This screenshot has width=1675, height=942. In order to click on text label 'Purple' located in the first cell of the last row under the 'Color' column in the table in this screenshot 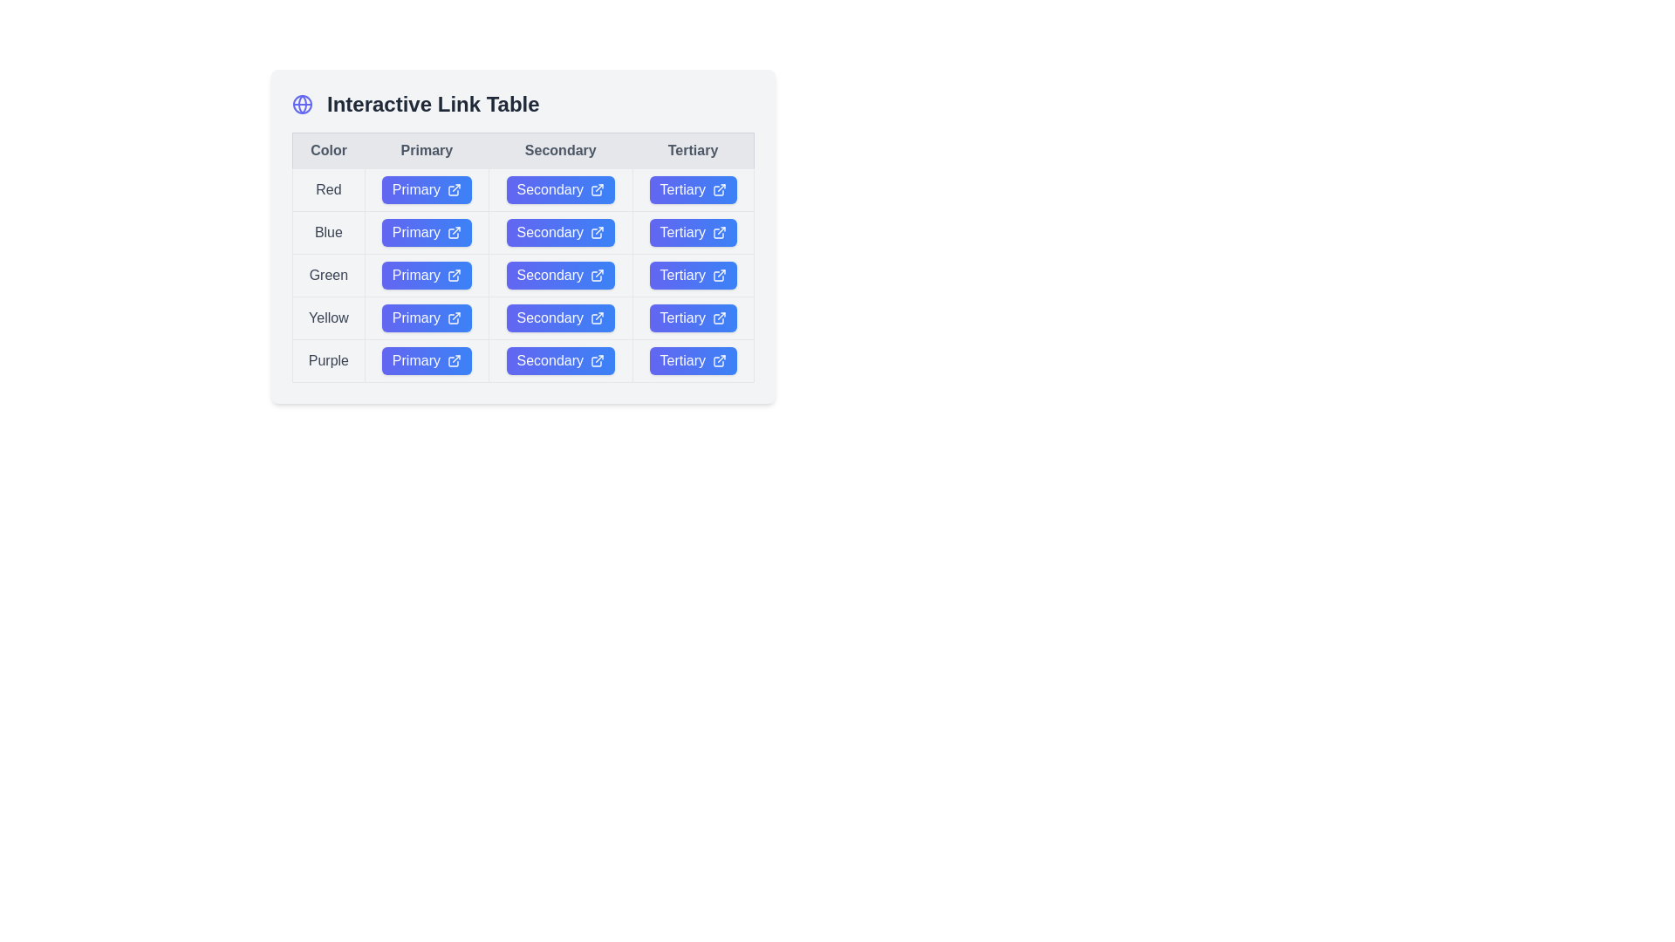, I will do `click(328, 359)`.